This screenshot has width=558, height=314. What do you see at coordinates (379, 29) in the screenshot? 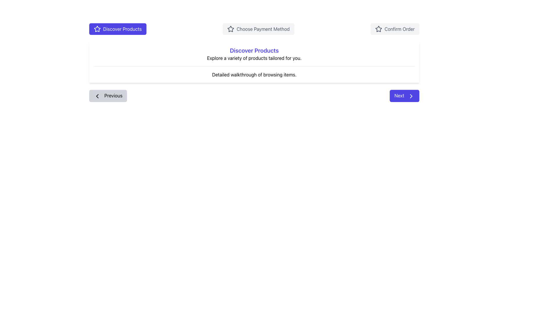
I see `the icon within the 'Confirm Order' button, which is located to the left of the text, providing a visual cue for the order confirmation functionality` at bounding box center [379, 29].